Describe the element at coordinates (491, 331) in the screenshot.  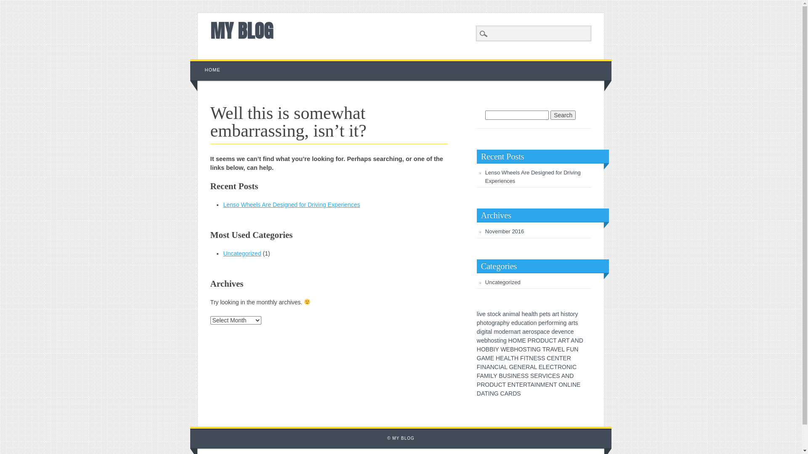
I see `'l'` at that location.